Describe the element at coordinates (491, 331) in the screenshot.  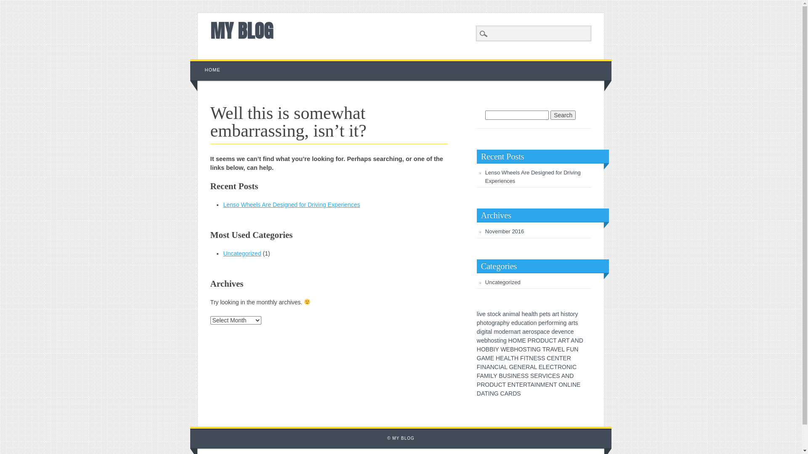
I see `'l'` at that location.